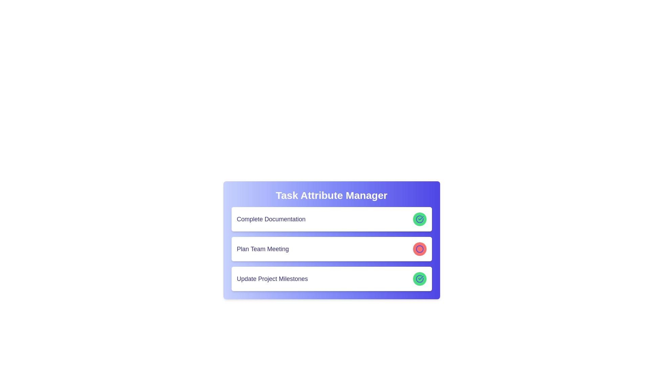 The height and width of the screenshot is (366, 650). I want to click on the checkmark icon that indicates the completion status of the 'Complete Documentation' task, located within the green circular indicator on the extreme right of the first task row, so click(420, 278).